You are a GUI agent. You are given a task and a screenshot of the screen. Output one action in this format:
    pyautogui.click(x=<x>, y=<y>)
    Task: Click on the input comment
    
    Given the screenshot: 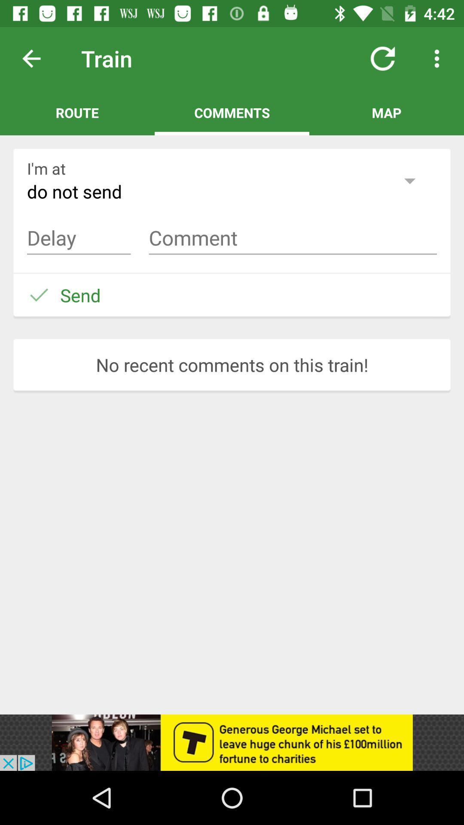 What is the action you would take?
    pyautogui.click(x=292, y=238)
    